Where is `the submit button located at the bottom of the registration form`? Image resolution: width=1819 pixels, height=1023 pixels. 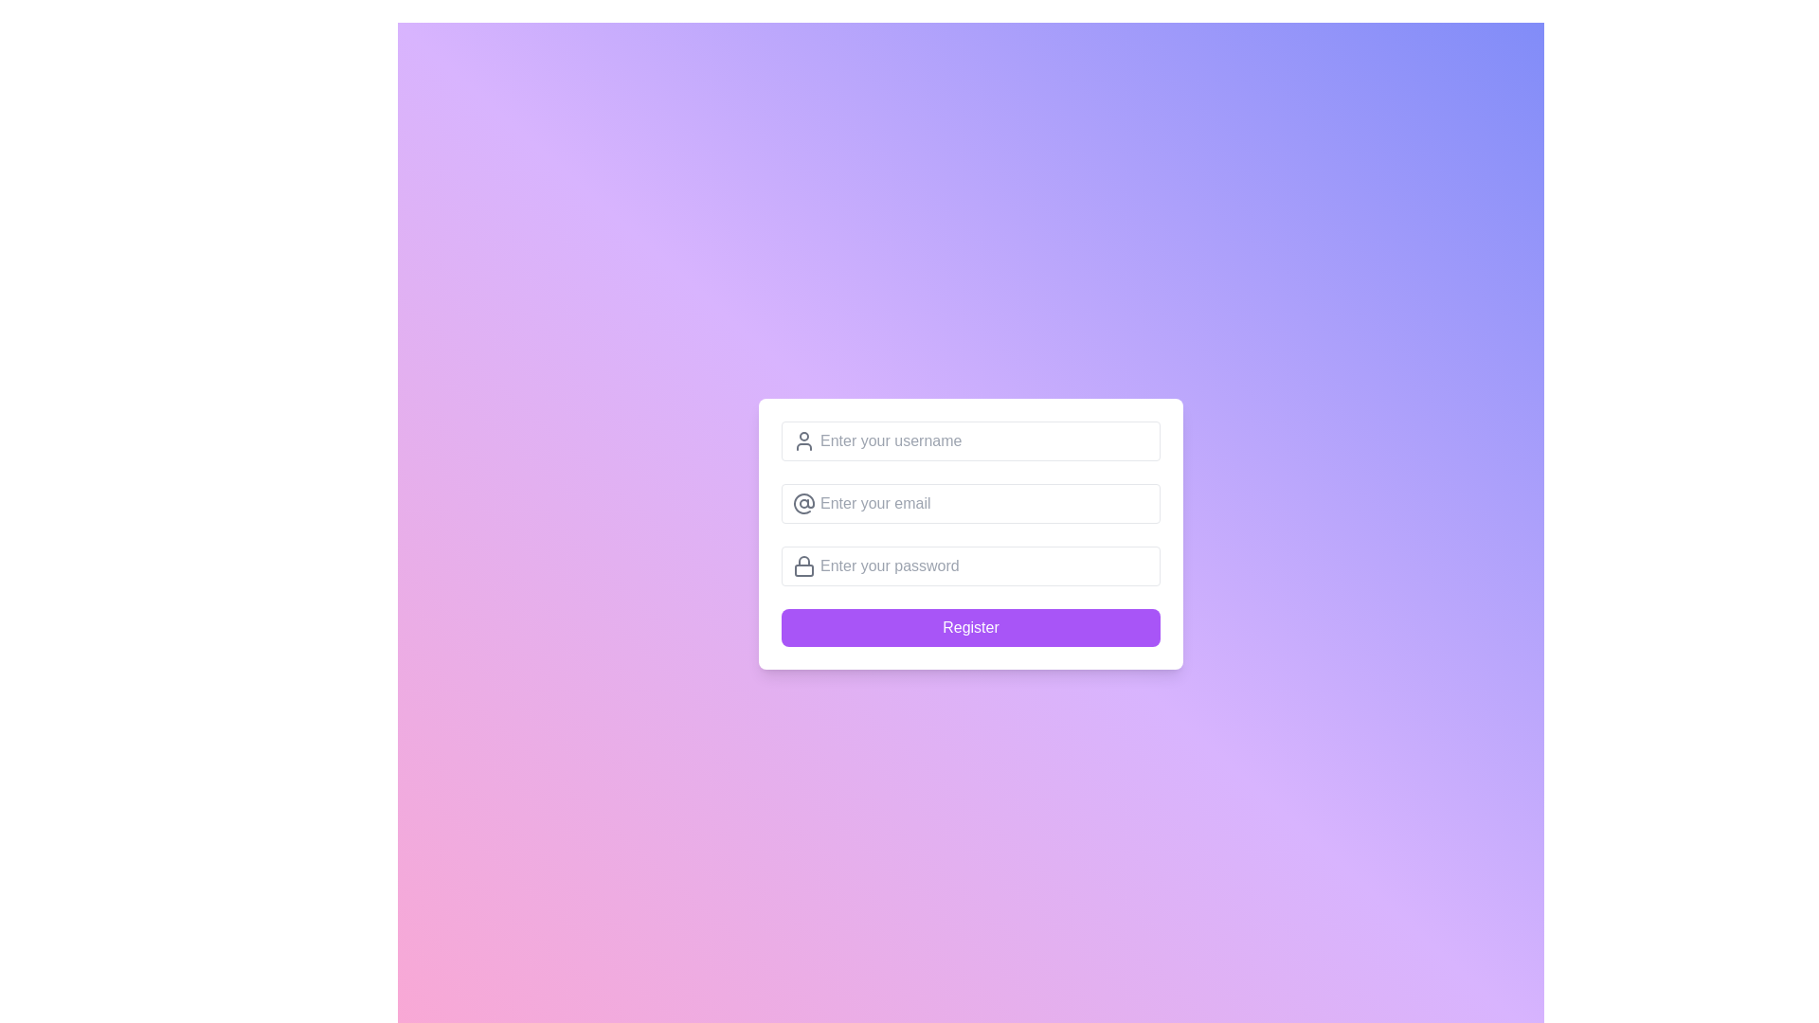
the submit button located at the bottom of the registration form is located at coordinates (971, 628).